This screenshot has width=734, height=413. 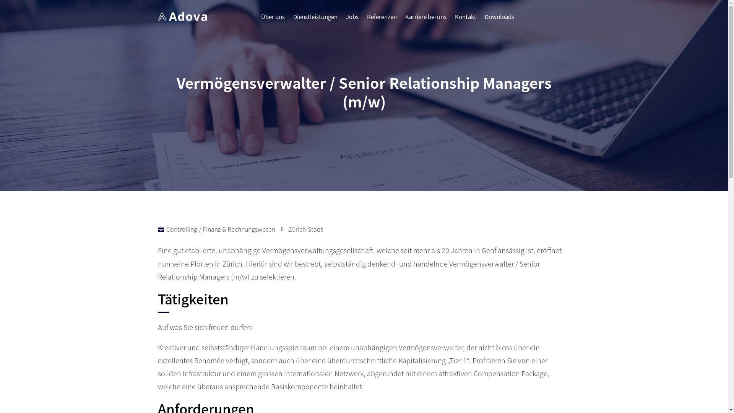 What do you see at coordinates (382, 19) in the screenshot?
I see `'Referenzen'` at bounding box center [382, 19].